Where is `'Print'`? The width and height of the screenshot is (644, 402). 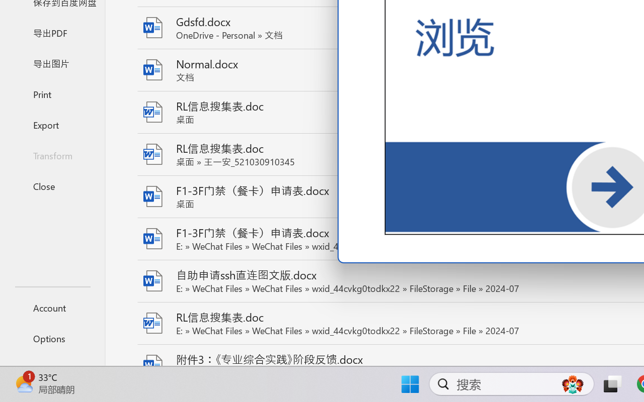 'Print' is located at coordinates (52, 93).